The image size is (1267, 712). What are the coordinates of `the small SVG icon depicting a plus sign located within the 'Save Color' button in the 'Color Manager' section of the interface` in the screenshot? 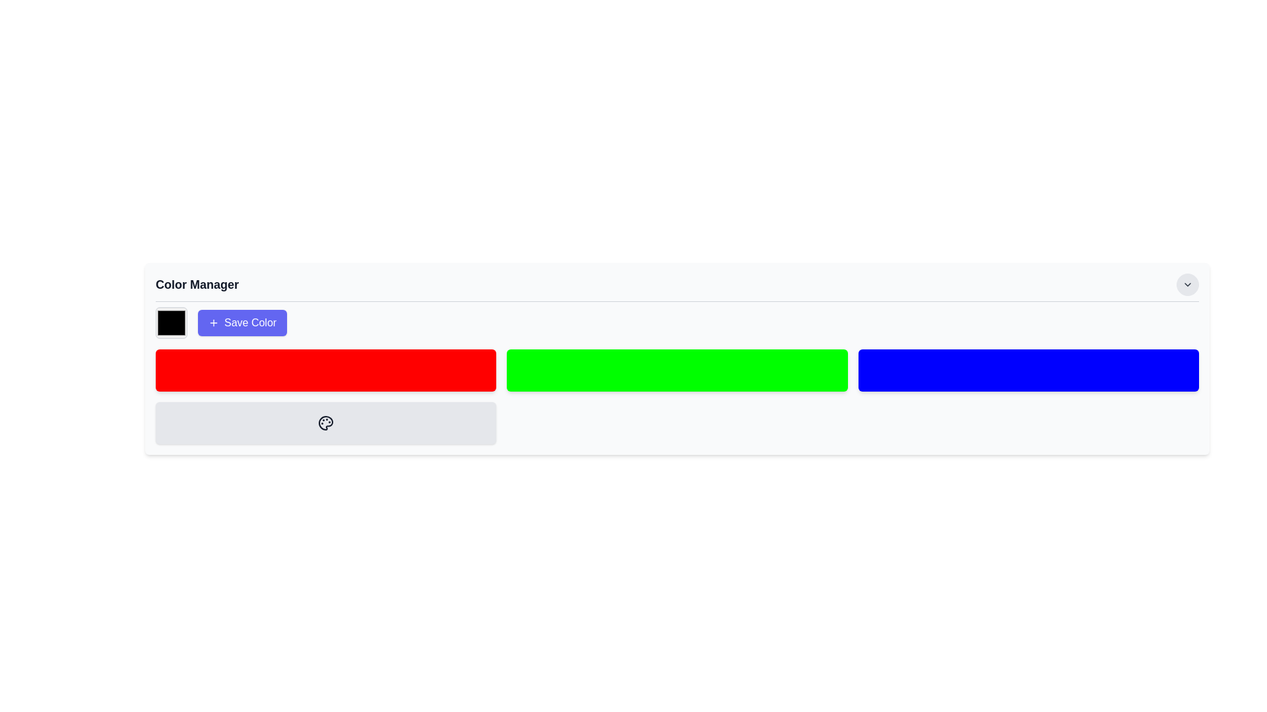 It's located at (214, 322).